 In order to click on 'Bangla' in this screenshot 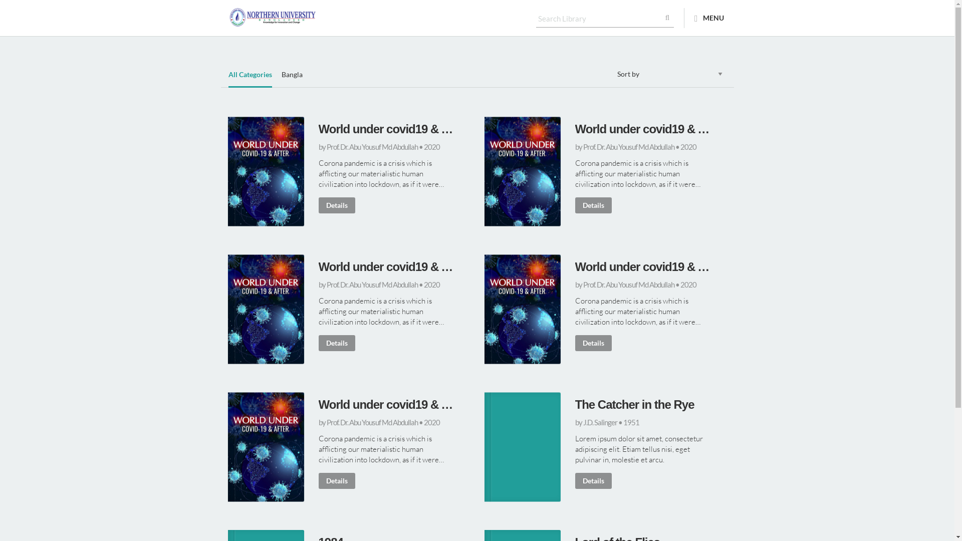, I will do `click(291, 78)`.